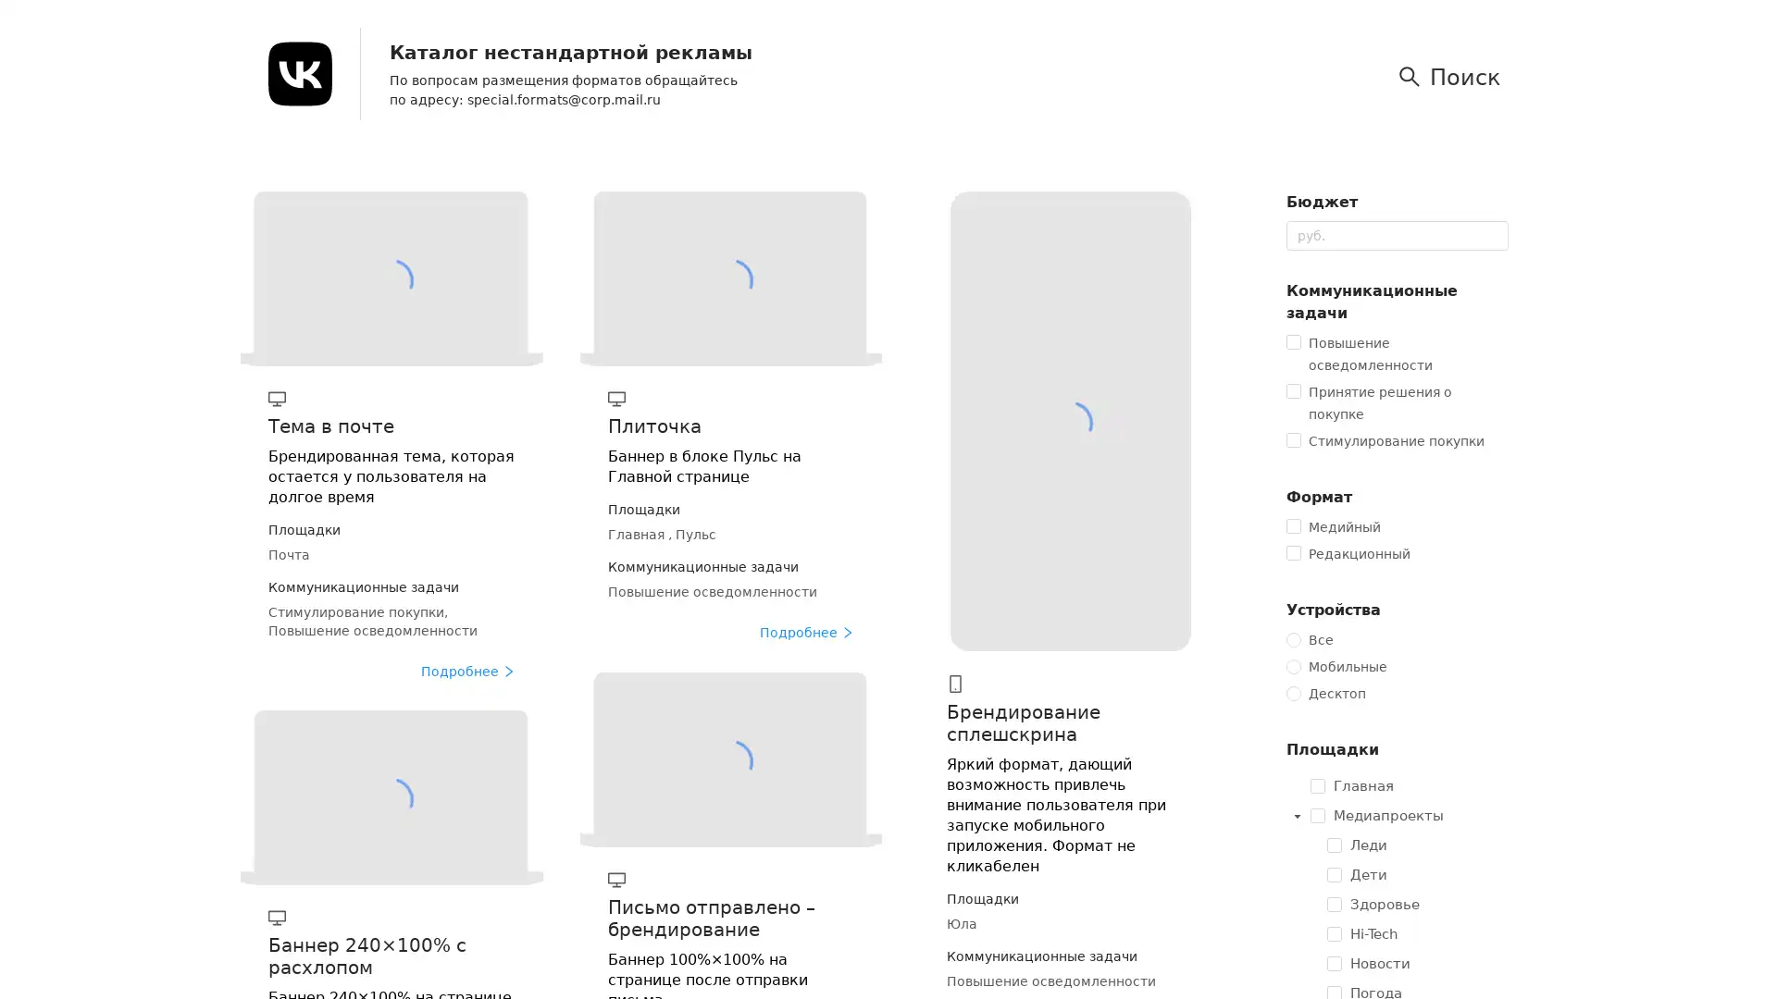 The width and height of the screenshot is (1777, 999). Describe the element at coordinates (1452, 76) in the screenshot. I see `icon: search` at that location.